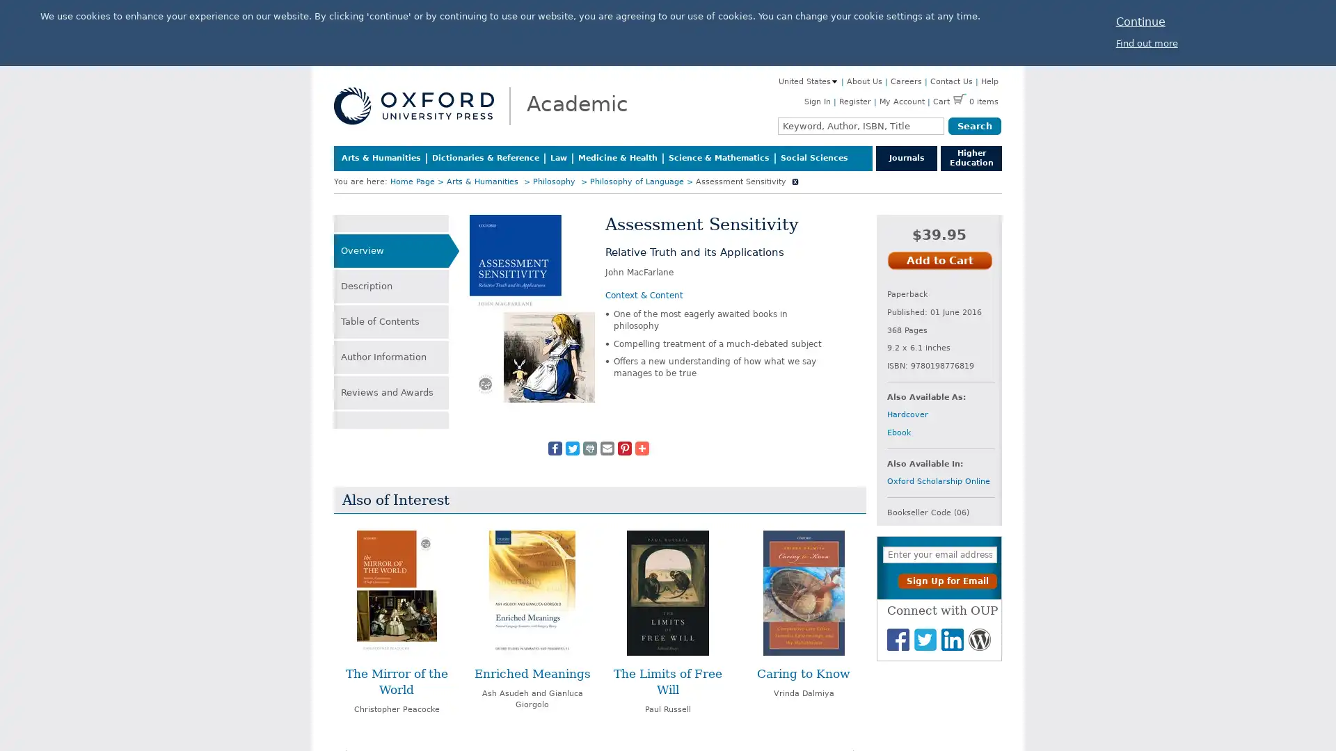 This screenshot has height=751, width=1336. I want to click on Share to Print, so click(589, 448).